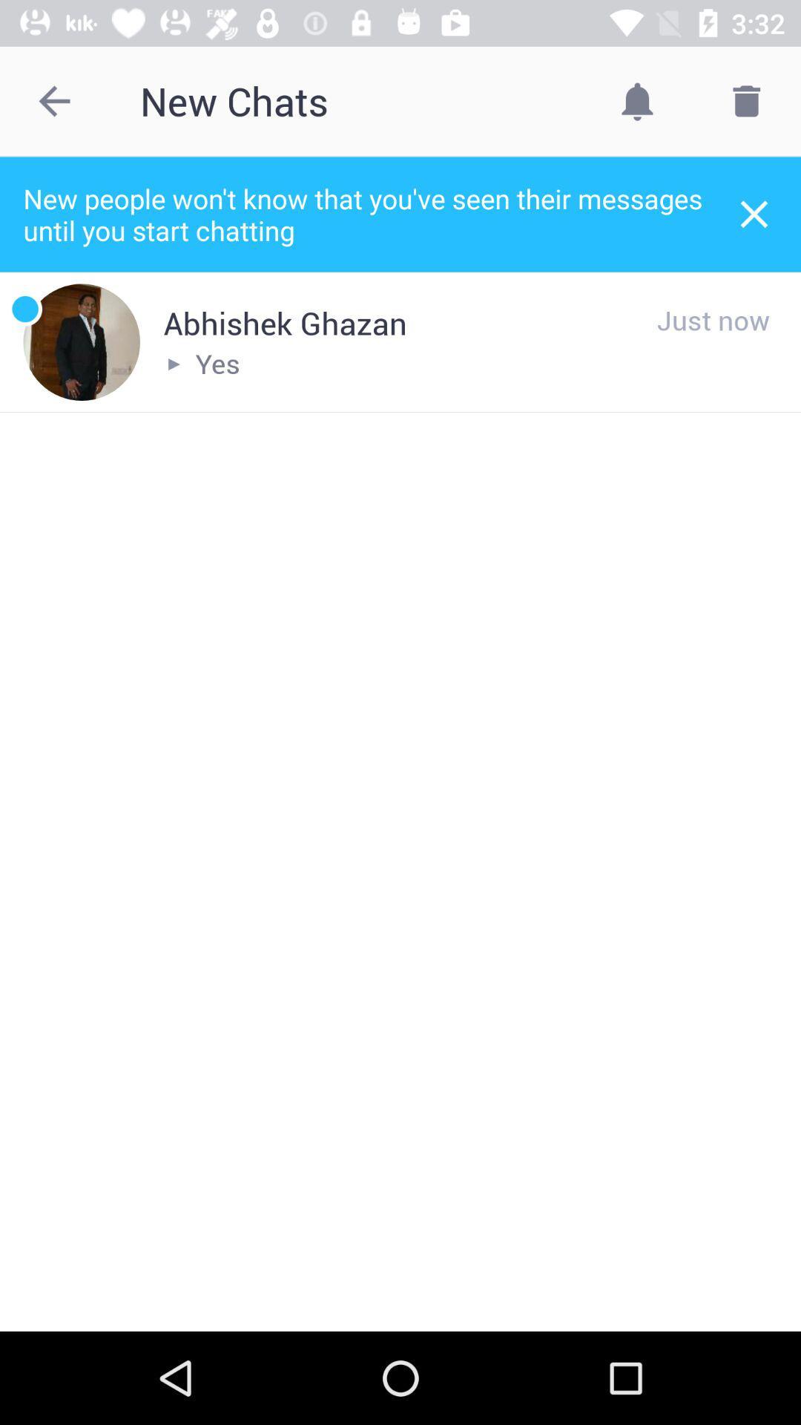 The width and height of the screenshot is (801, 1425). I want to click on icon next to the new people won icon, so click(754, 213).